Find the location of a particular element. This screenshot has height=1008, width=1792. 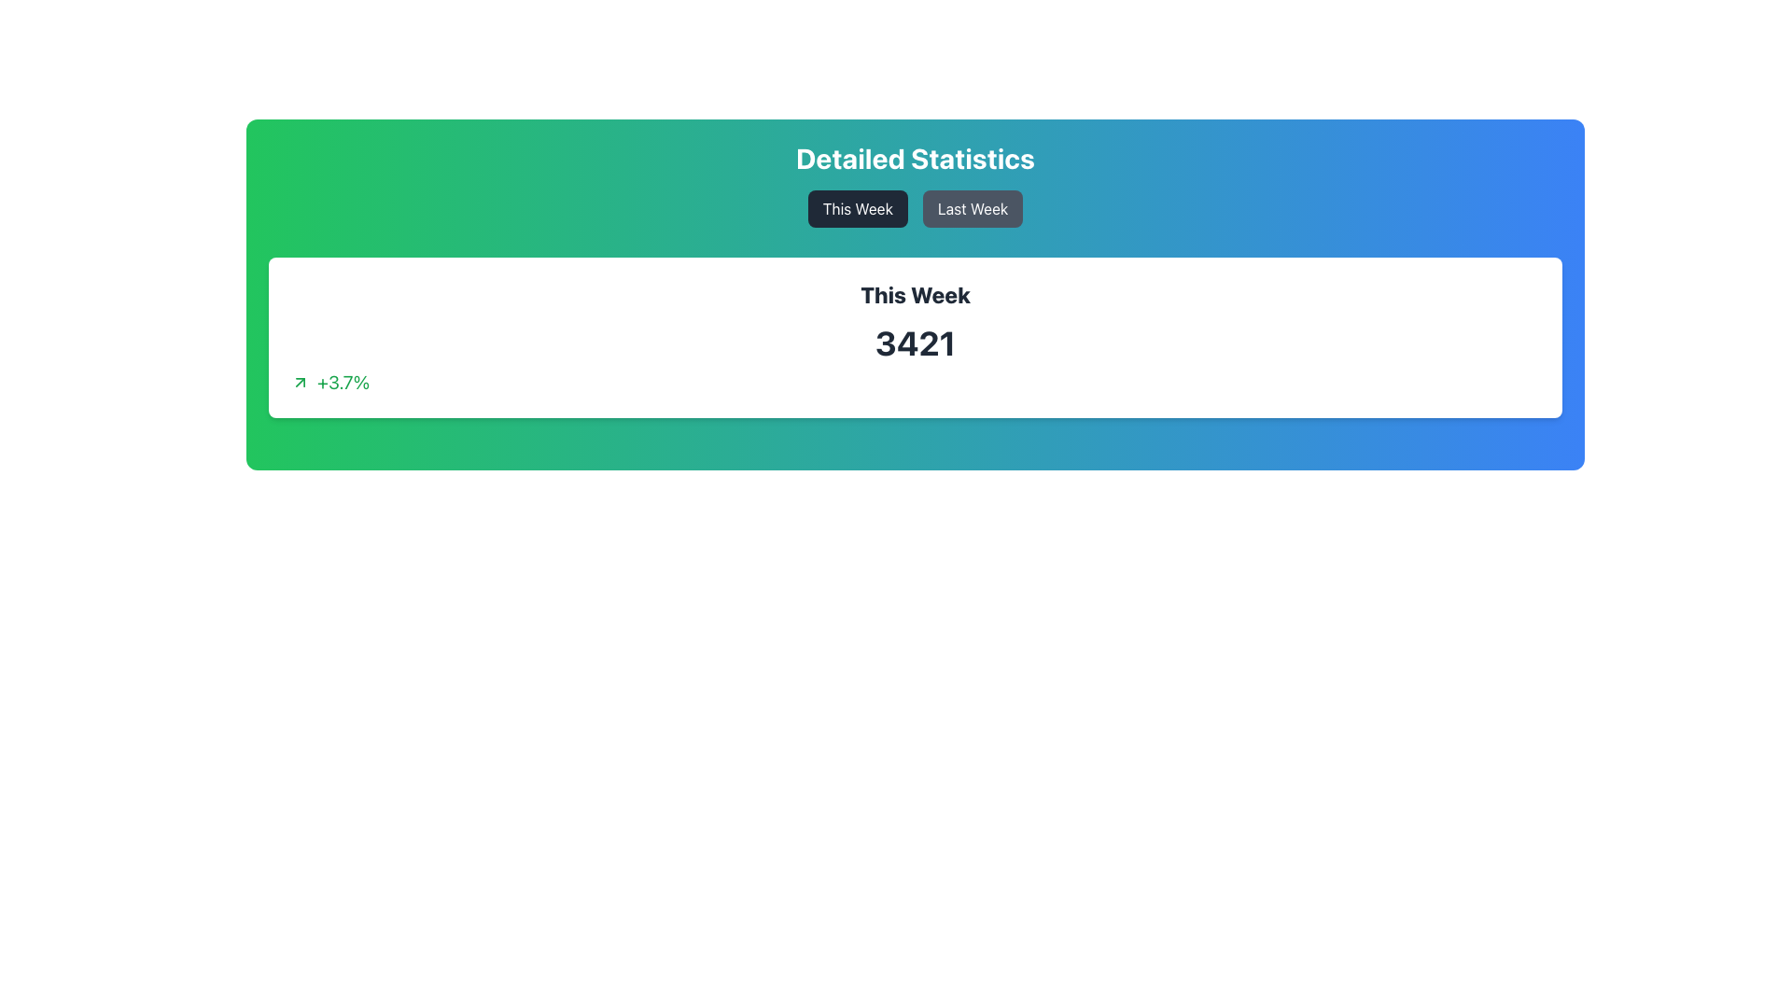

bold, large-sized text that reads 'This Week', which is prominently displayed above a larger numeric value in the highlighted content area is located at coordinates (915, 294).